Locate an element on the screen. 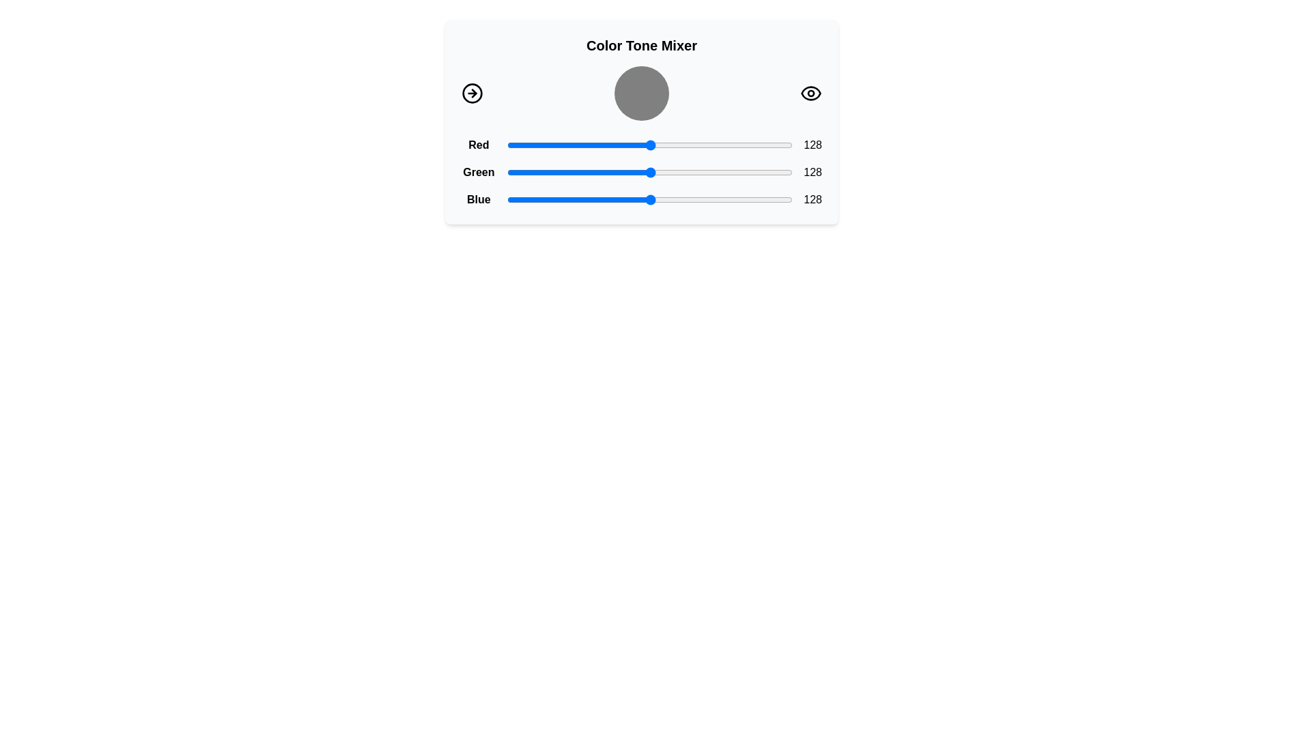  the first horizontal slider control labeled 'Red' located below 'Color Tone Mixer' and above the 'Green' slider is located at coordinates (641, 145).